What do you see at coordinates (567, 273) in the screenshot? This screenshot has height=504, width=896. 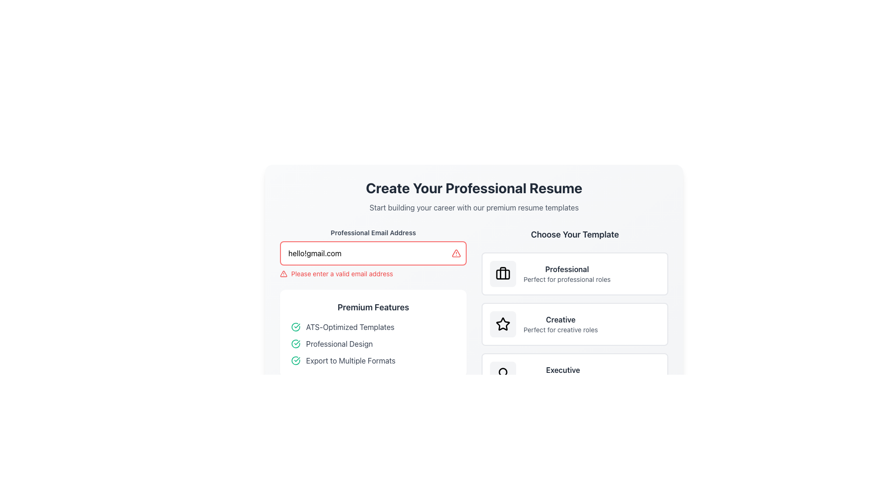 I see `the 'Professional' TextBlock which includes the title 'Professional' and the subtitle 'Perfect for professional roles'` at bounding box center [567, 273].